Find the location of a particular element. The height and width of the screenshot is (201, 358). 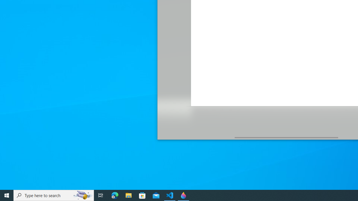

'Task View' is located at coordinates (100, 195).